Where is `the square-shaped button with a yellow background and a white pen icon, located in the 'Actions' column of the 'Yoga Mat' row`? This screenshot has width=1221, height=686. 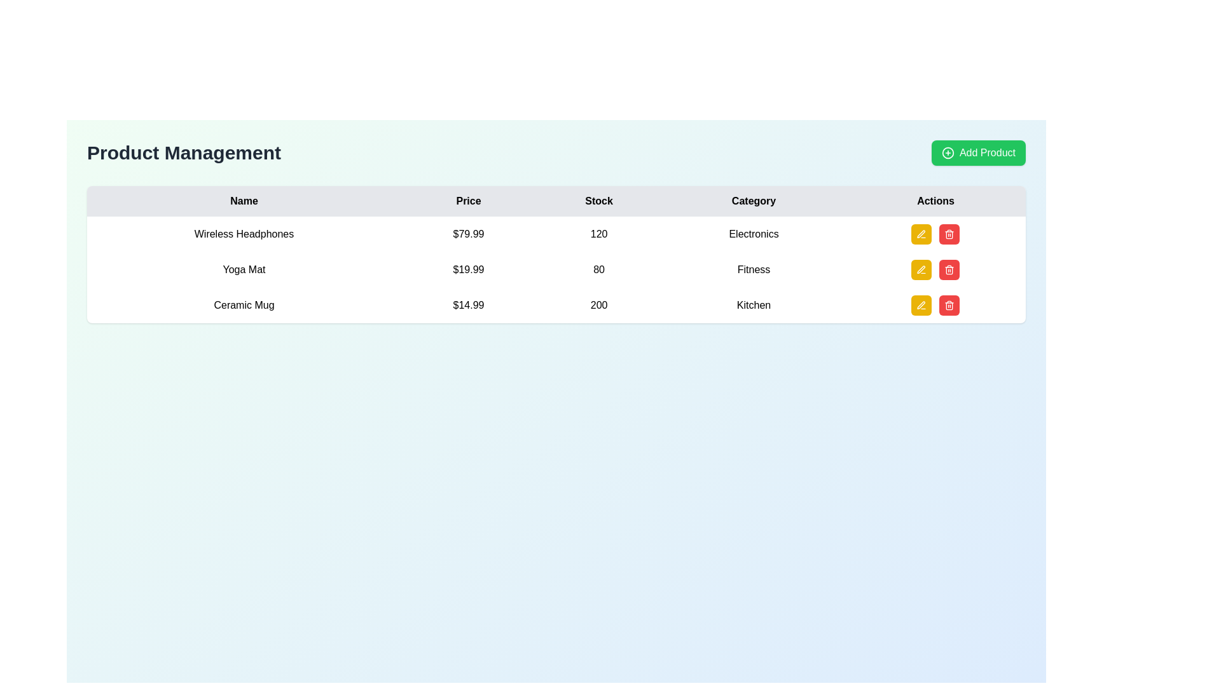 the square-shaped button with a yellow background and a white pen icon, located in the 'Actions' column of the 'Yoga Mat' row is located at coordinates (921, 269).